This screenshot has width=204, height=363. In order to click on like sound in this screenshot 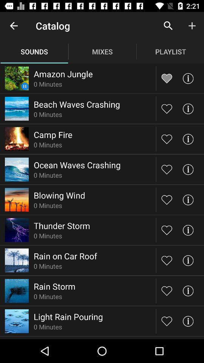, I will do `click(167, 138)`.